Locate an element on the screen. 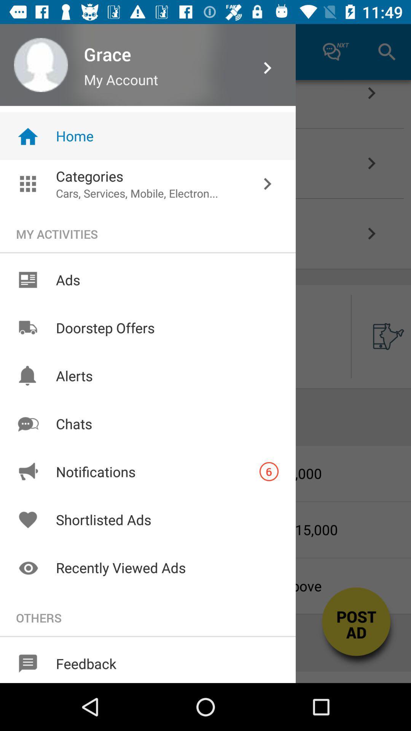  the logo which has the text ads mentioned next to it is located at coordinates (27, 279).